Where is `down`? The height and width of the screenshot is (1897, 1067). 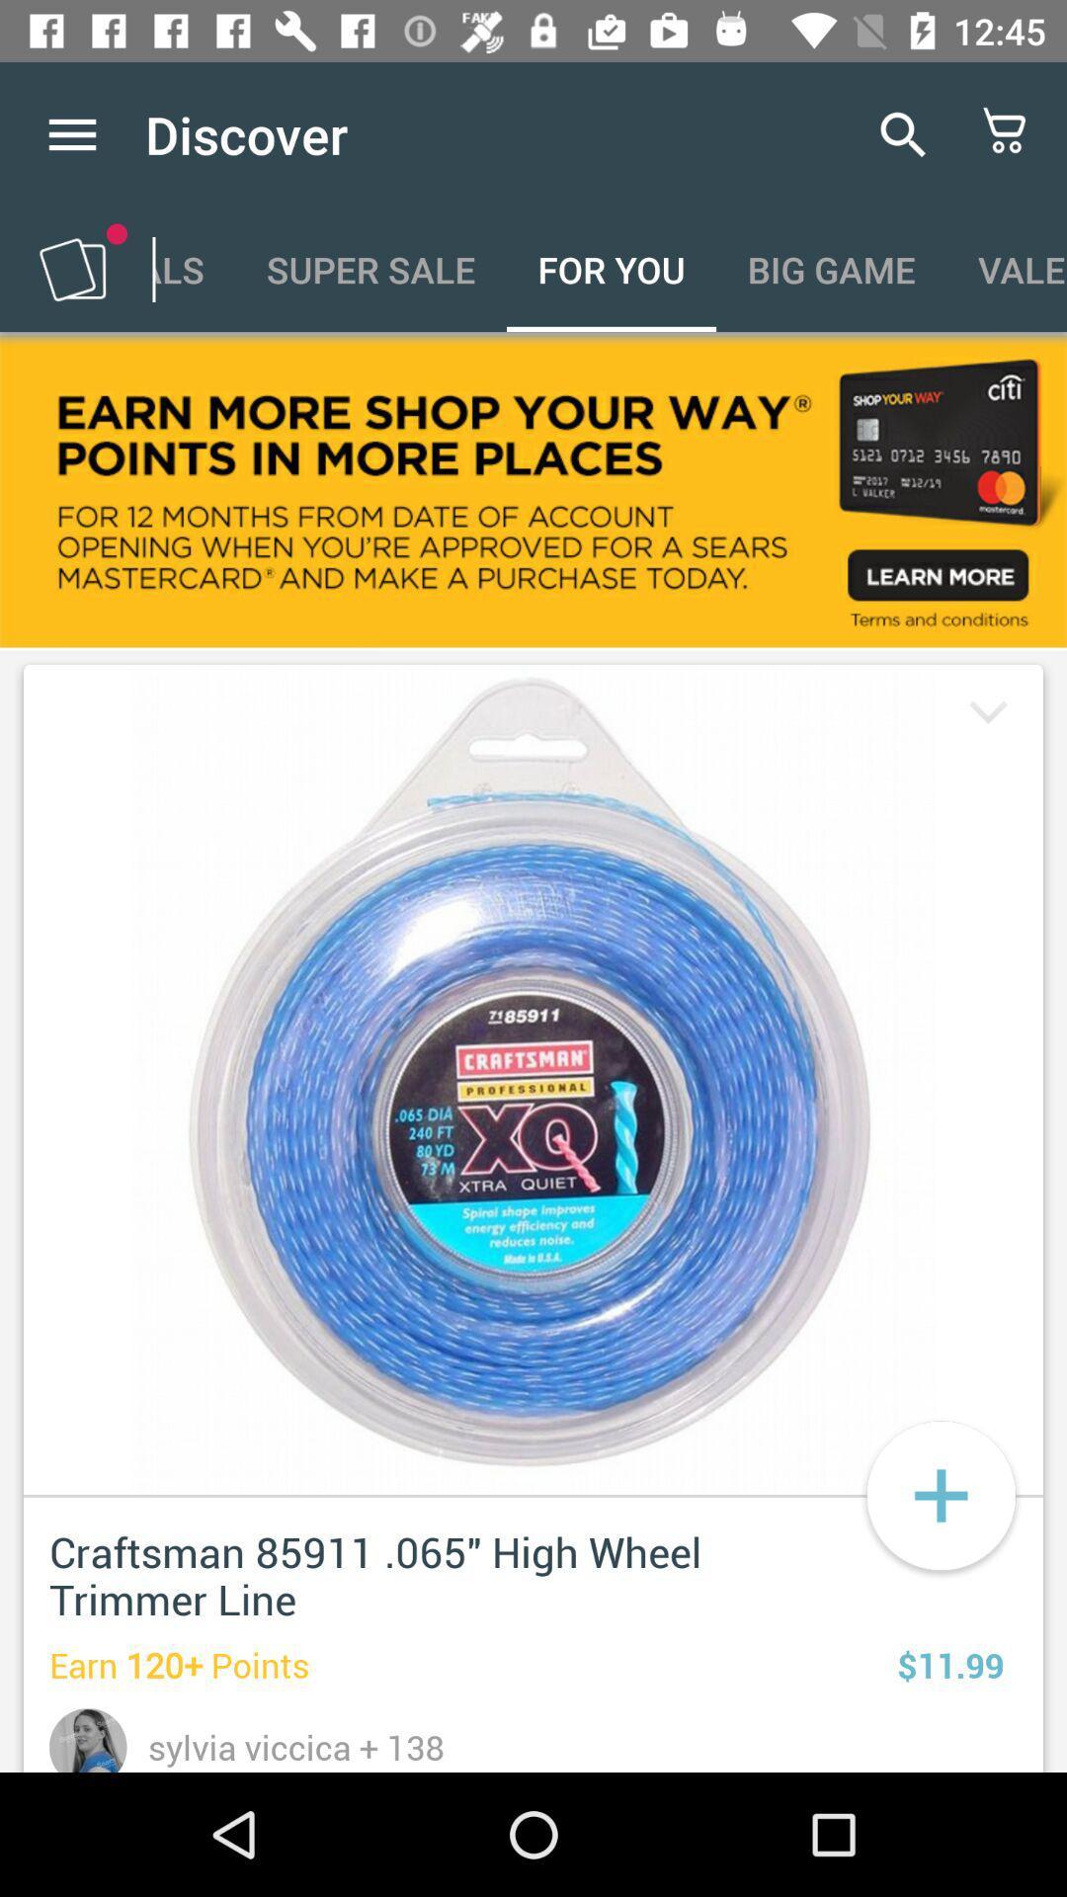 down is located at coordinates (984, 714).